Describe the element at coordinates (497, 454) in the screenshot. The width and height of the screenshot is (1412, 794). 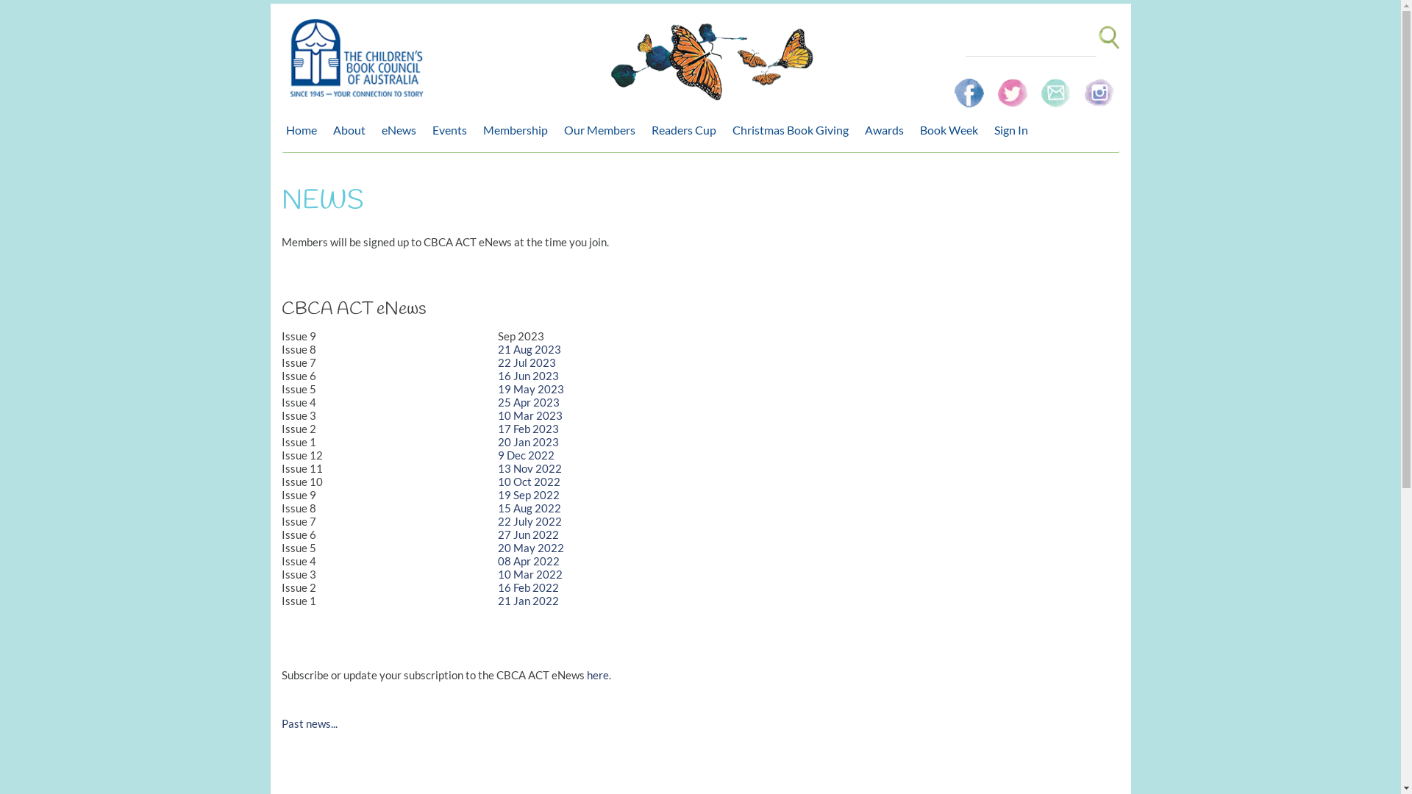
I see `'9 Dec 2022'` at that location.